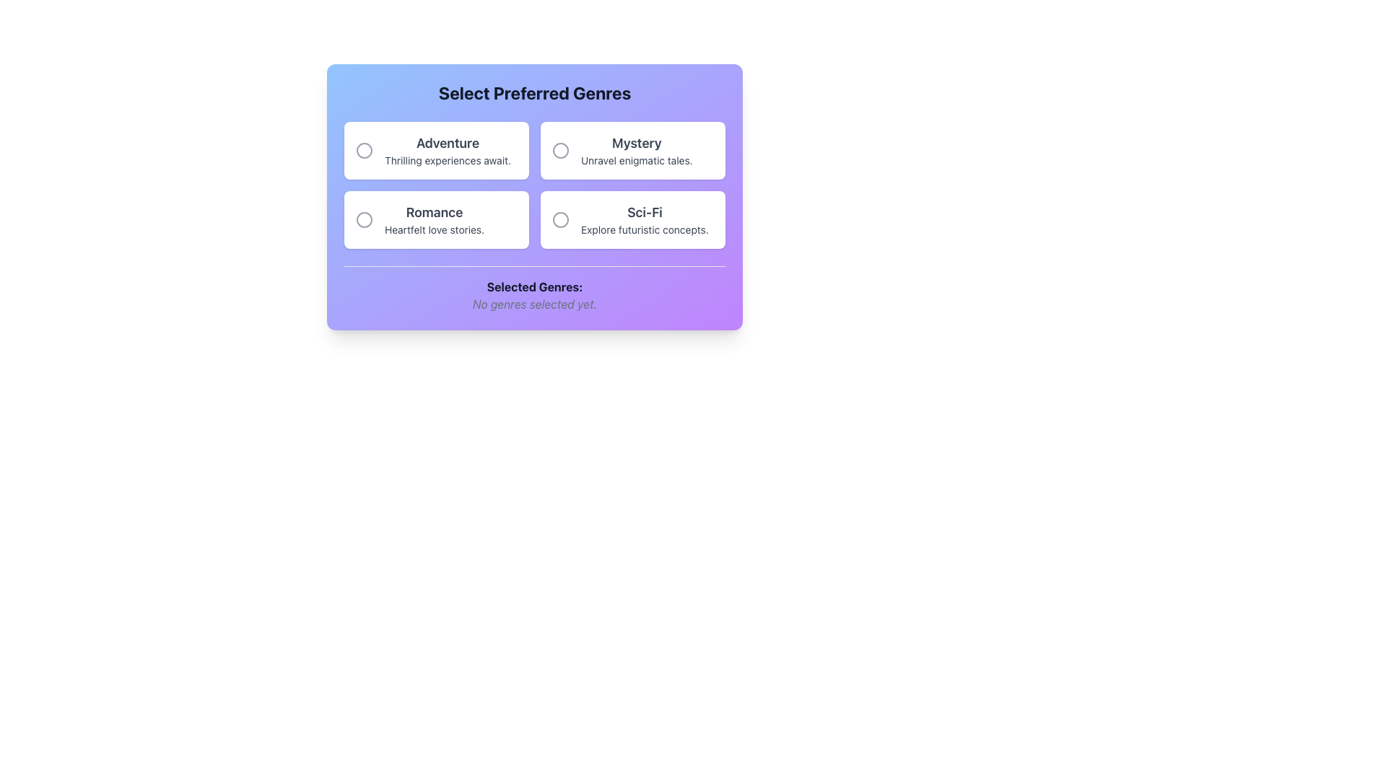  Describe the element at coordinates (364, 150) in the screenshot. I see `the Decorative Icon with a gray border, located adjacent to the left of the text 'Adventure'` at that location.